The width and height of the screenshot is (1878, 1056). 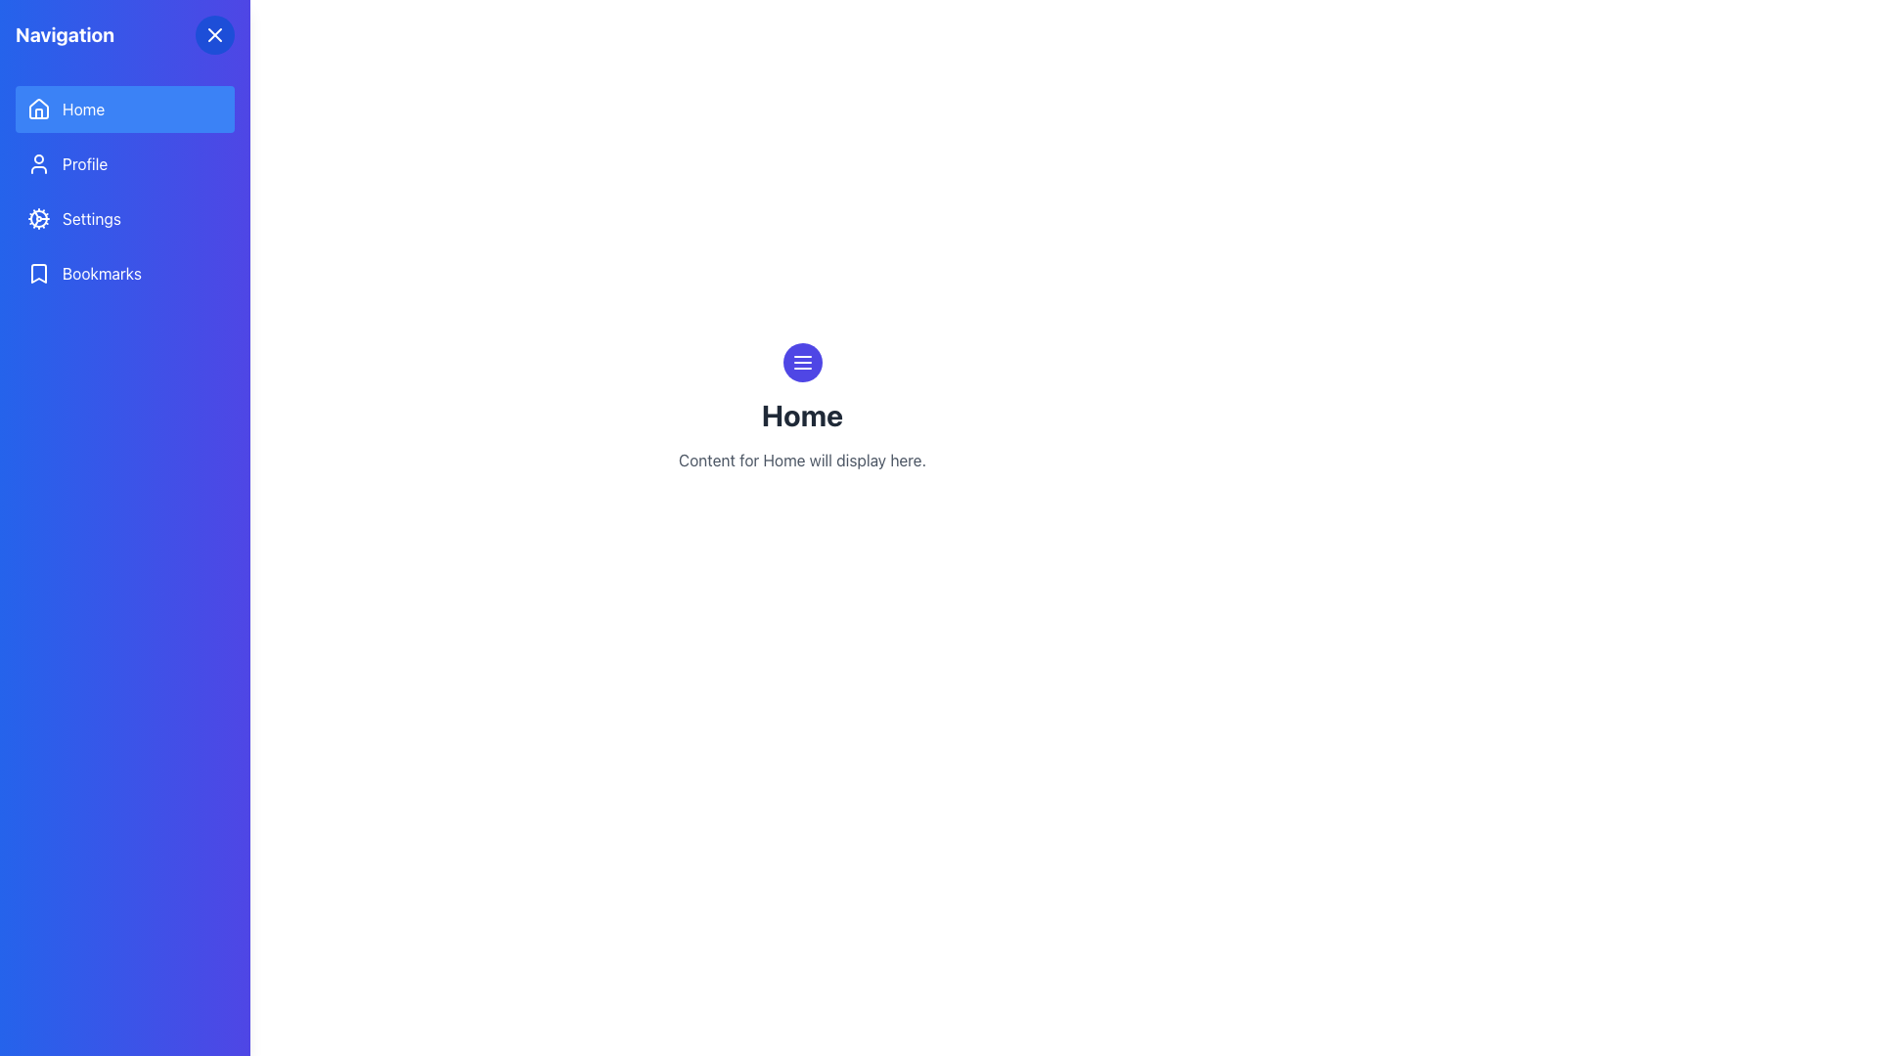 What do you see at coordinates (38, 274) in the screenshot?
I see `the small minimalist bookmark icon located in the 'Bookmarks' menu item of the navigation sidebar, which is positioned to the left of the text label 'Bookmarks'` at bounding box center [38, 274].